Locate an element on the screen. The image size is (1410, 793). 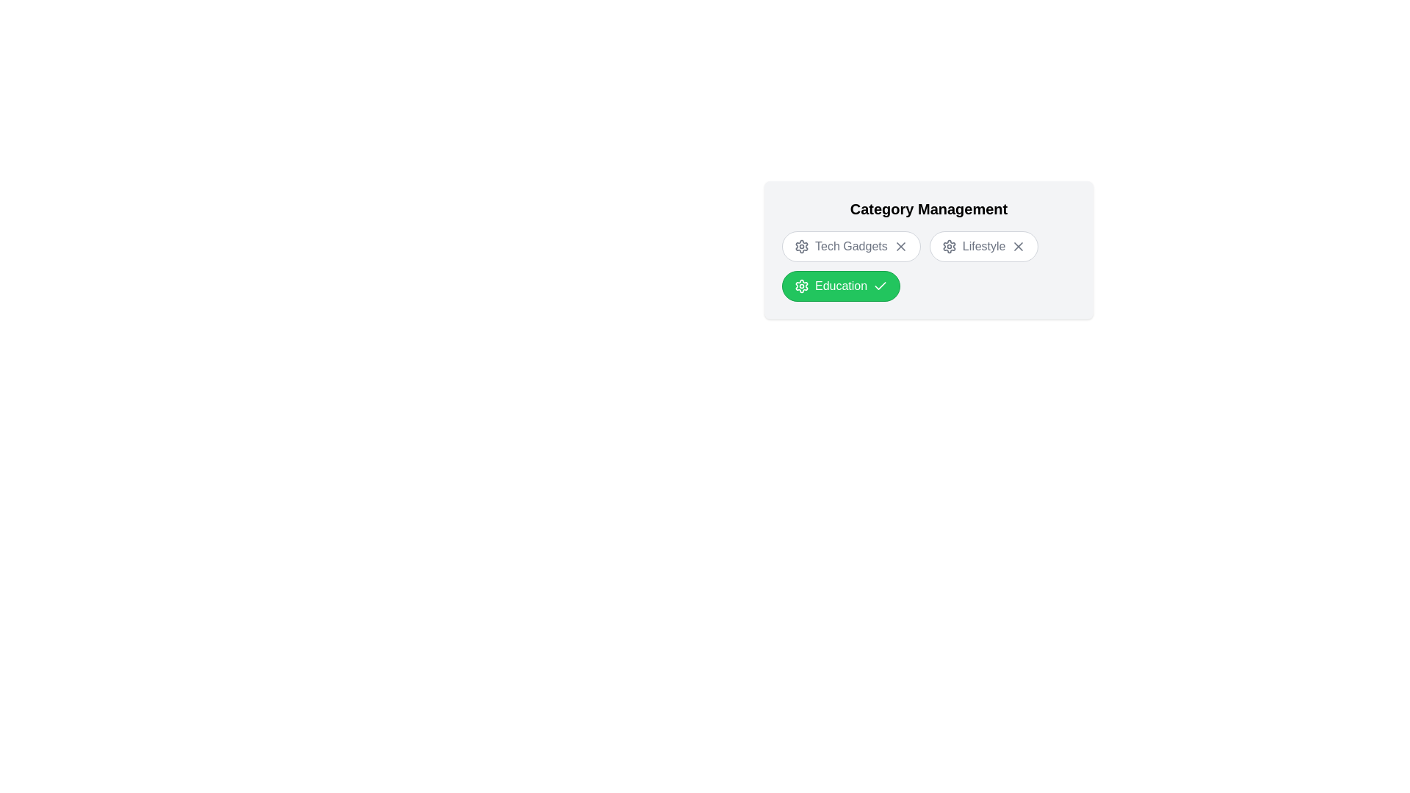
the 'Lifestyle' chip to toggle its state is located at coordinates (983, 245).